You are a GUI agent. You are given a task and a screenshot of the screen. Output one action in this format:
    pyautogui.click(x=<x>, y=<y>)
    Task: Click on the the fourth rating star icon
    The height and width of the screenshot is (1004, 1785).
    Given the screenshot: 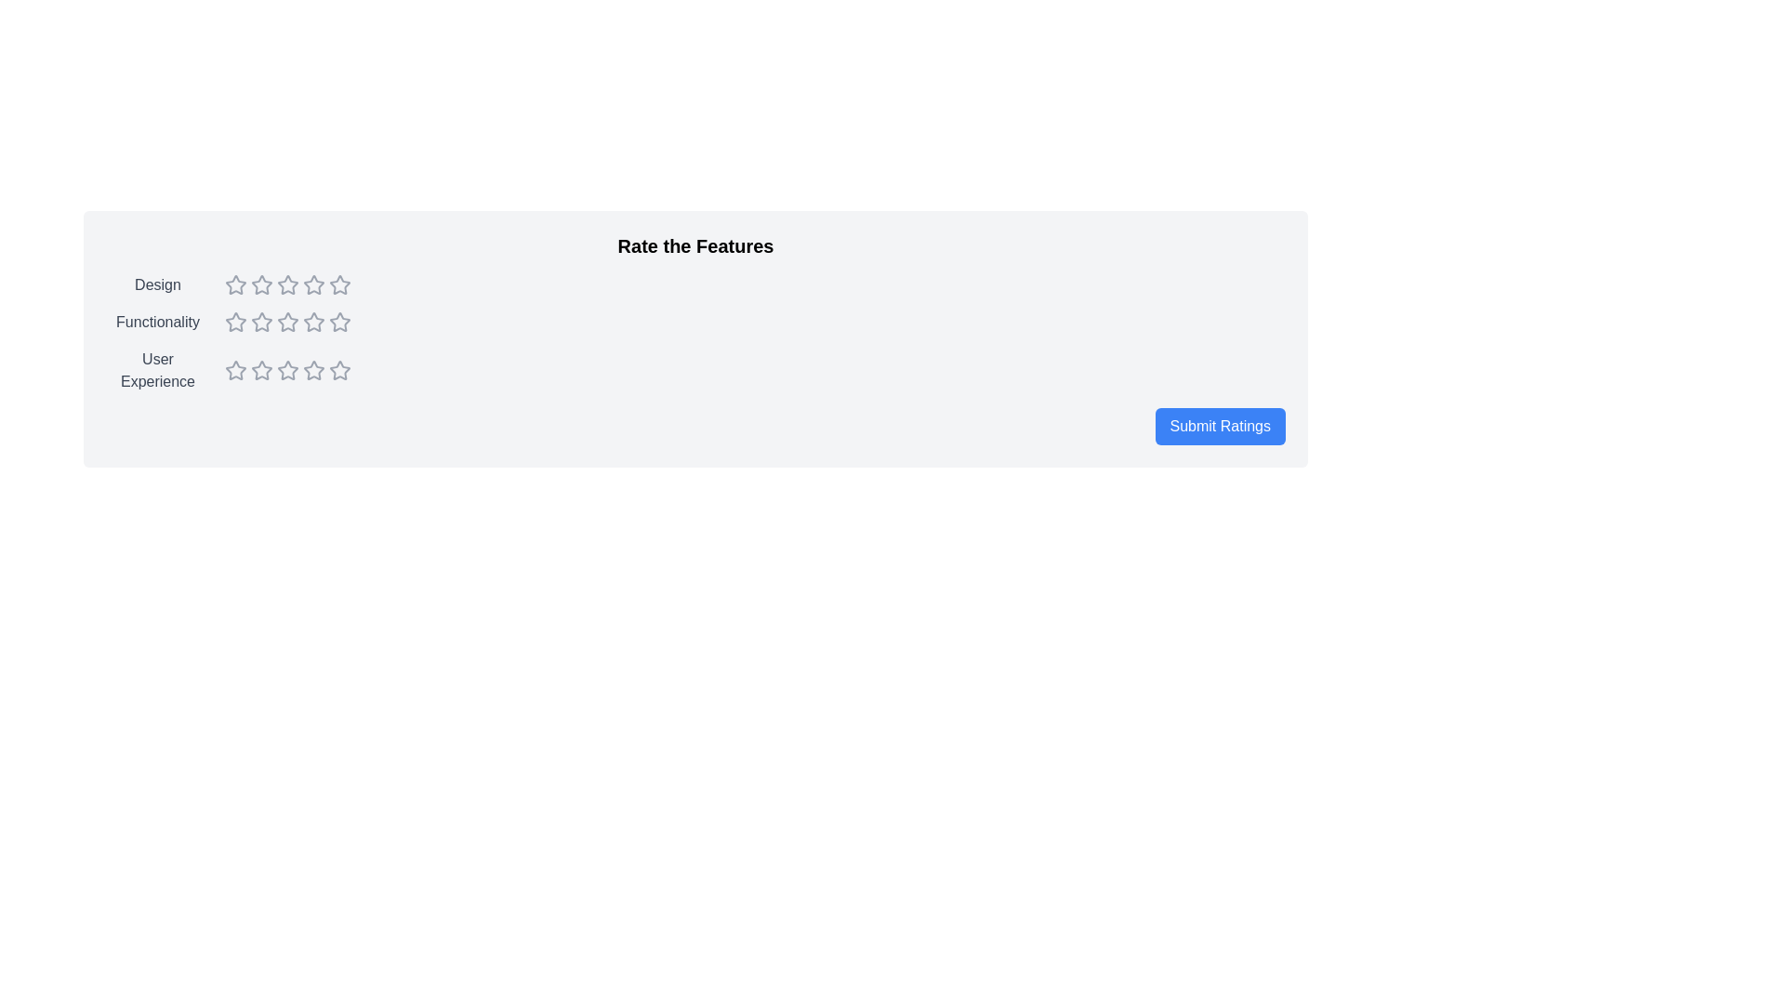 What is the action you would take?
    pyautogui.click(x=287, y=370)
    